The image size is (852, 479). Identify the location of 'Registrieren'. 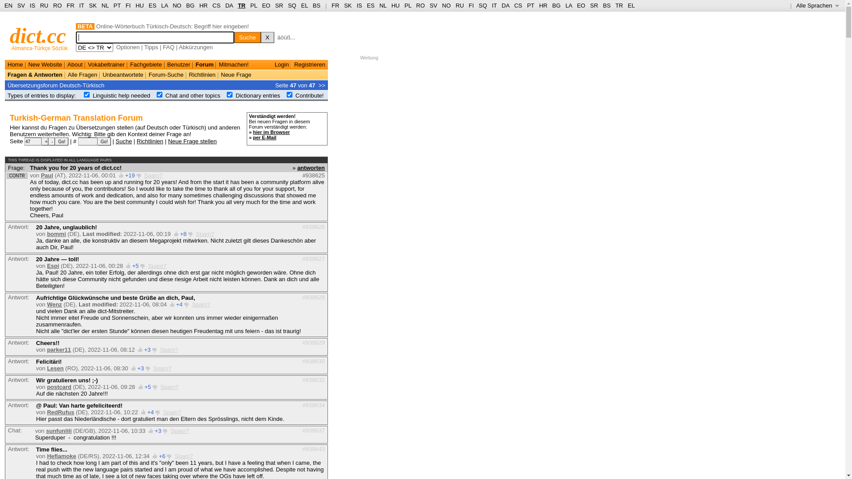
(309, 64).